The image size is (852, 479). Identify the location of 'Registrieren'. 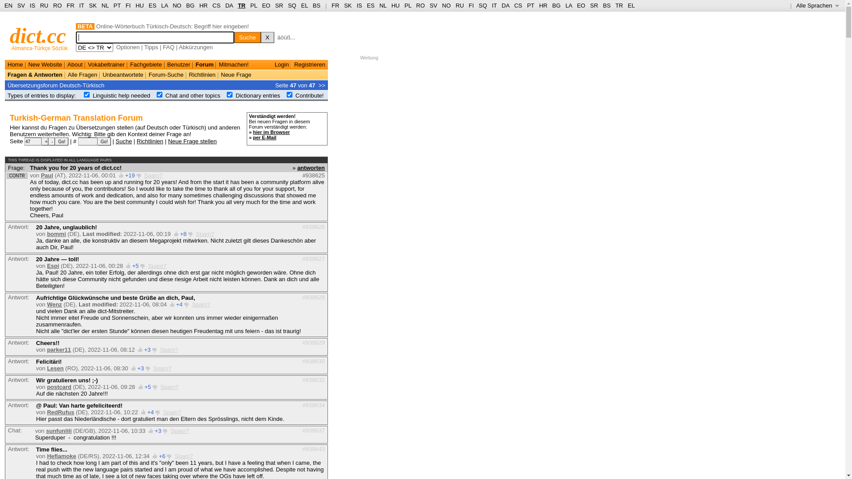
(309, 64).